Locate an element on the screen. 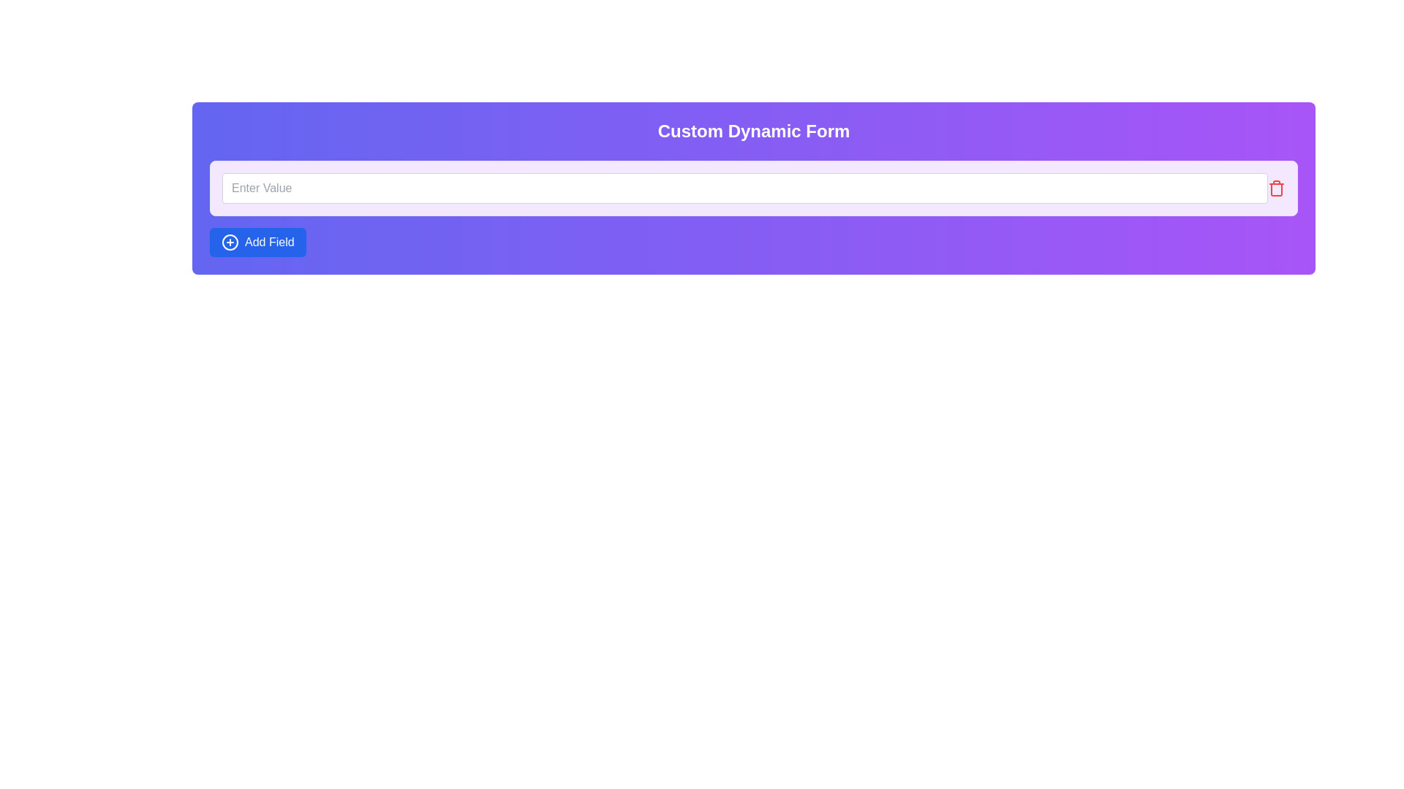  the trash icon, which is a red button located at the far right end of a horizontal input field is located at coordinates (1276, 188).